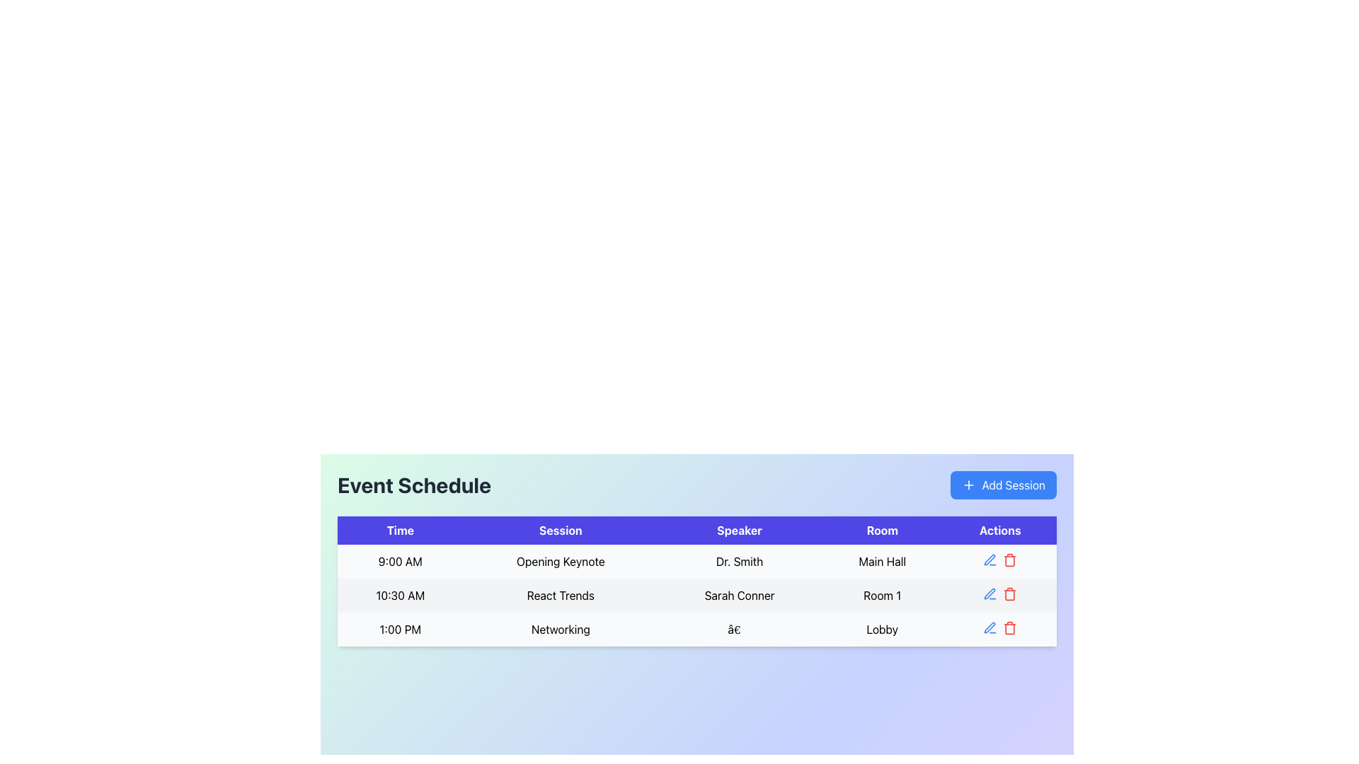 Image resolution: width=1359 pixels, height=764 pixels. I want to click on the trash icon in the 'Actions' column of the last data row in the event schedule table, so click(1009, 627).